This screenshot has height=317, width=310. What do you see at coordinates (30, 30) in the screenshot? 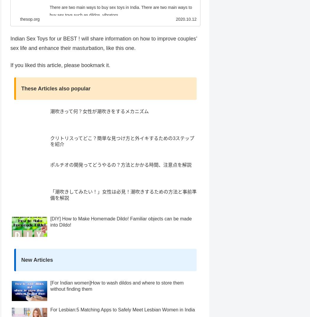
I see `'thesop.org'` at bounding box center [30, 30].